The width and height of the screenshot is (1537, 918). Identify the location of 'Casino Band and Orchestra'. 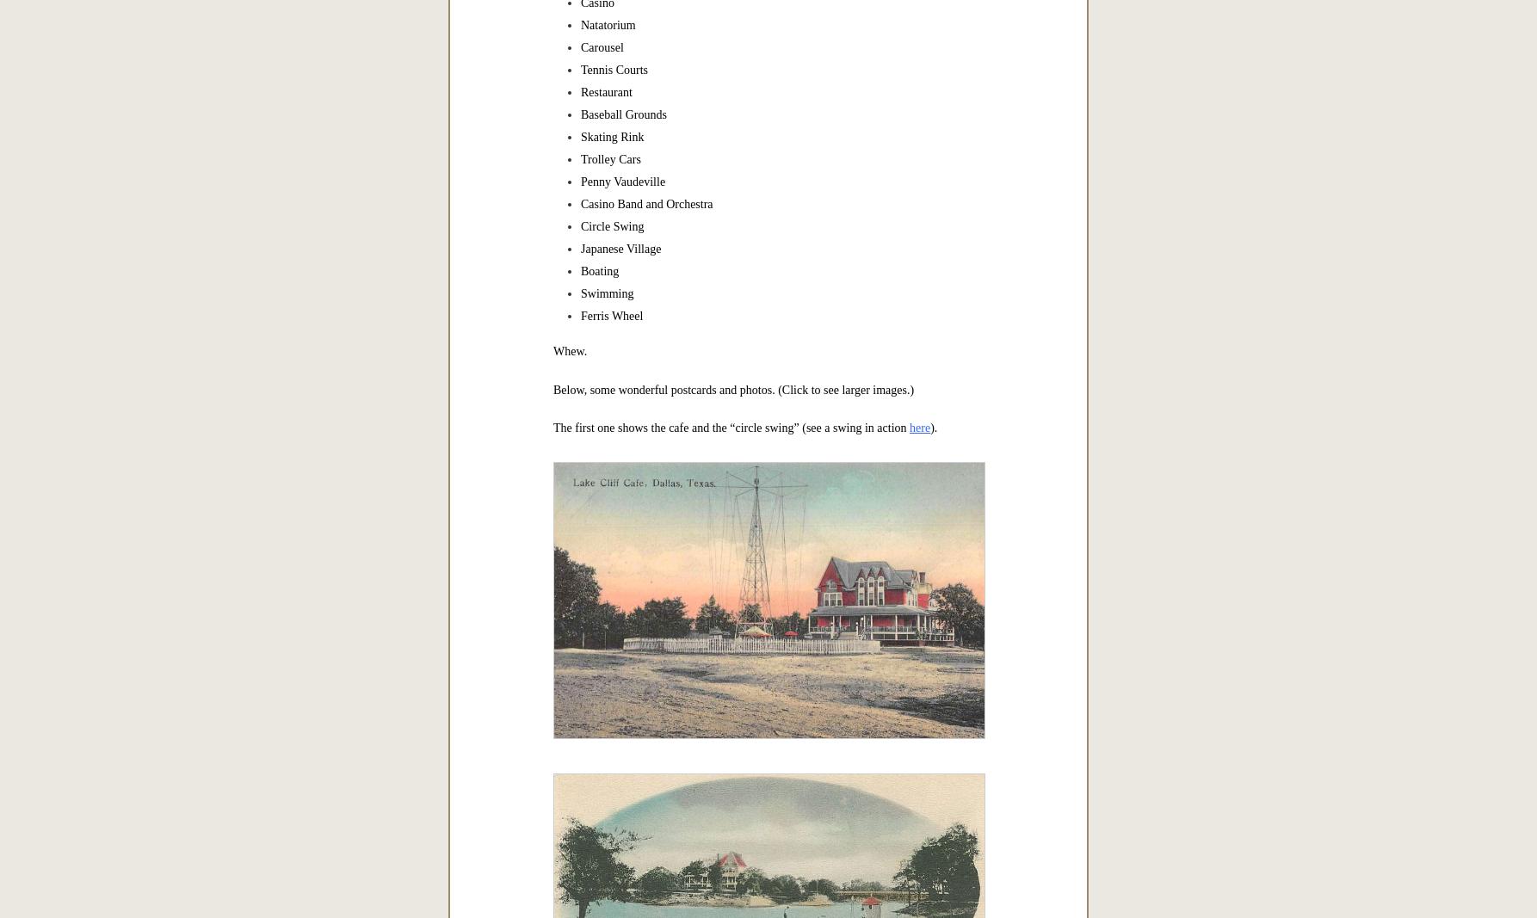
(580, 203).